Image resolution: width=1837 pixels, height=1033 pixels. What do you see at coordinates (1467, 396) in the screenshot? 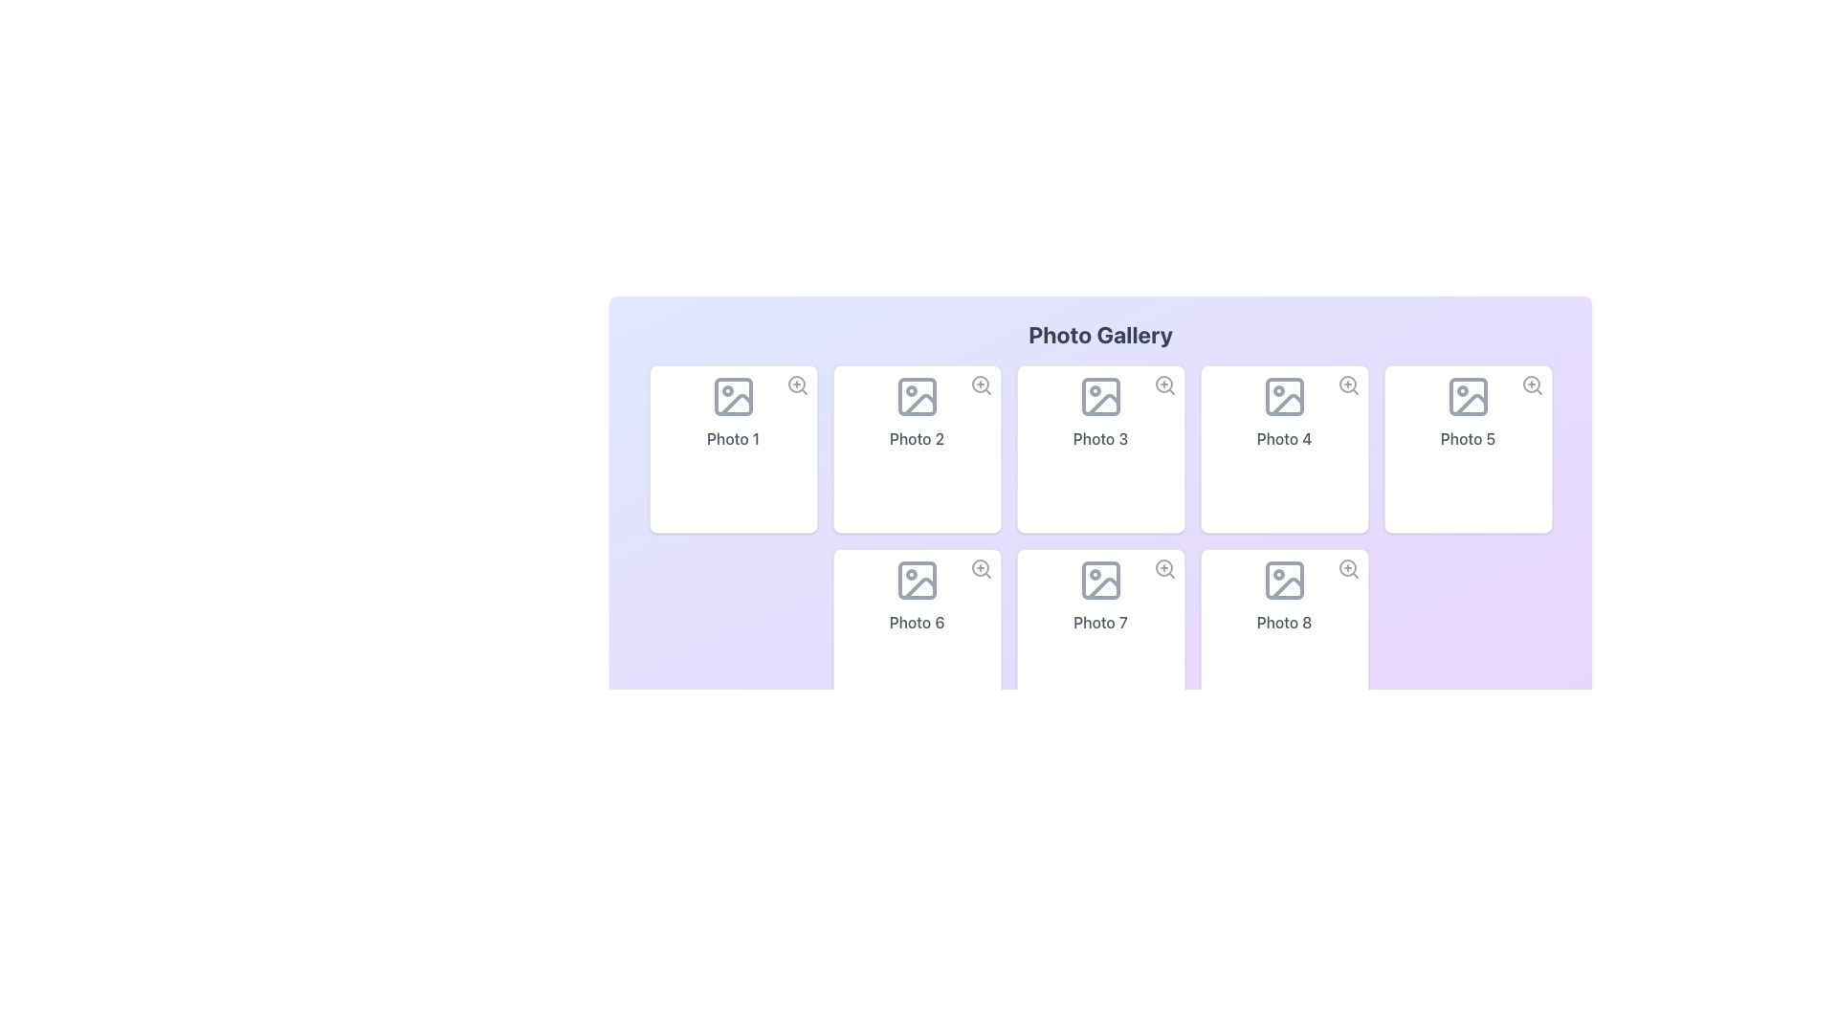
I see `the inner rectangular structure of the SVG placeholder icon representing the absent image in the 'Photo 5' position in the photo gallery grid` at bounding box center [1467, 396].